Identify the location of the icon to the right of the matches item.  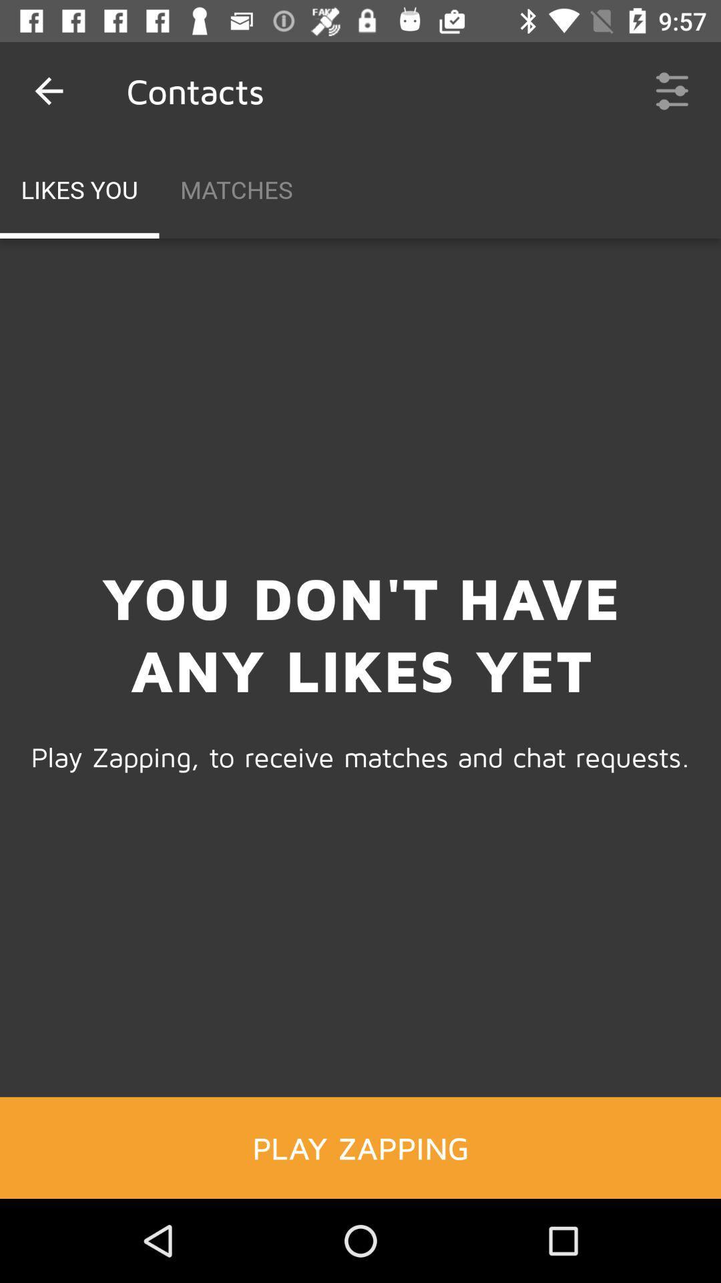
(672, 90).